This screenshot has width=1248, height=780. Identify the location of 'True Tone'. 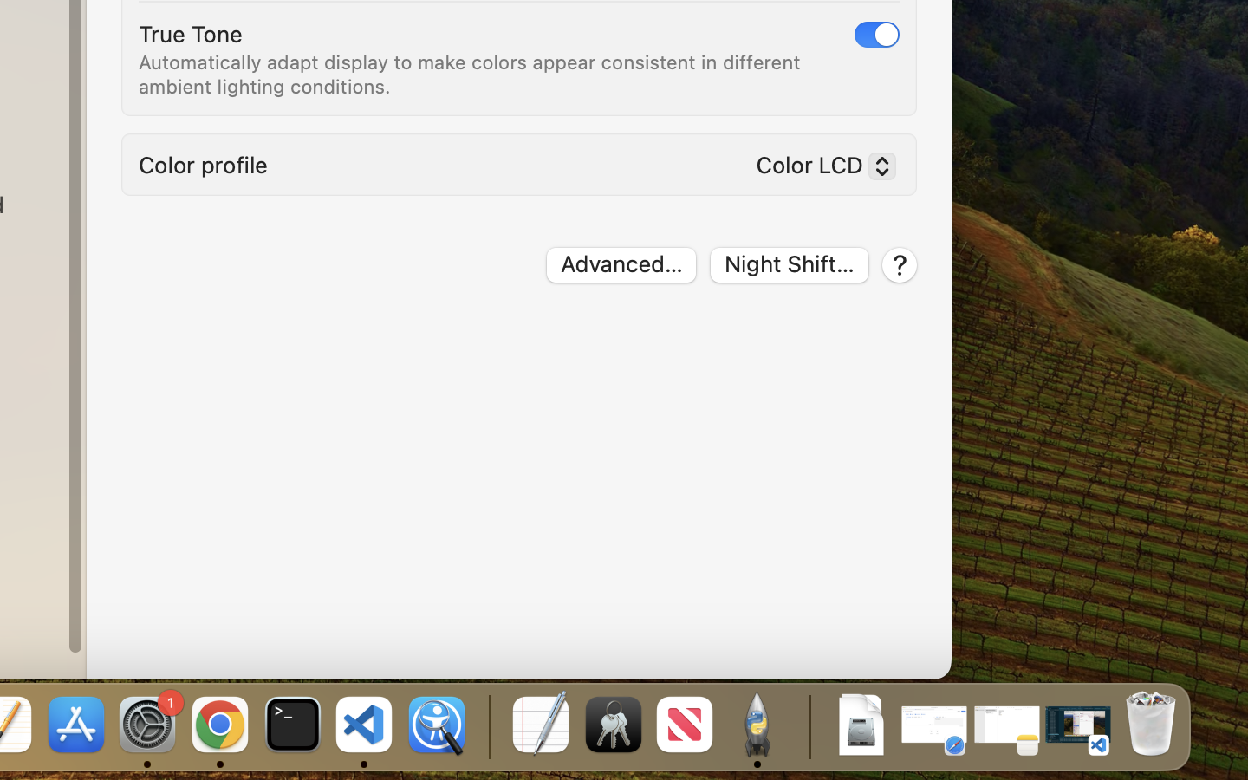
(191, 31).